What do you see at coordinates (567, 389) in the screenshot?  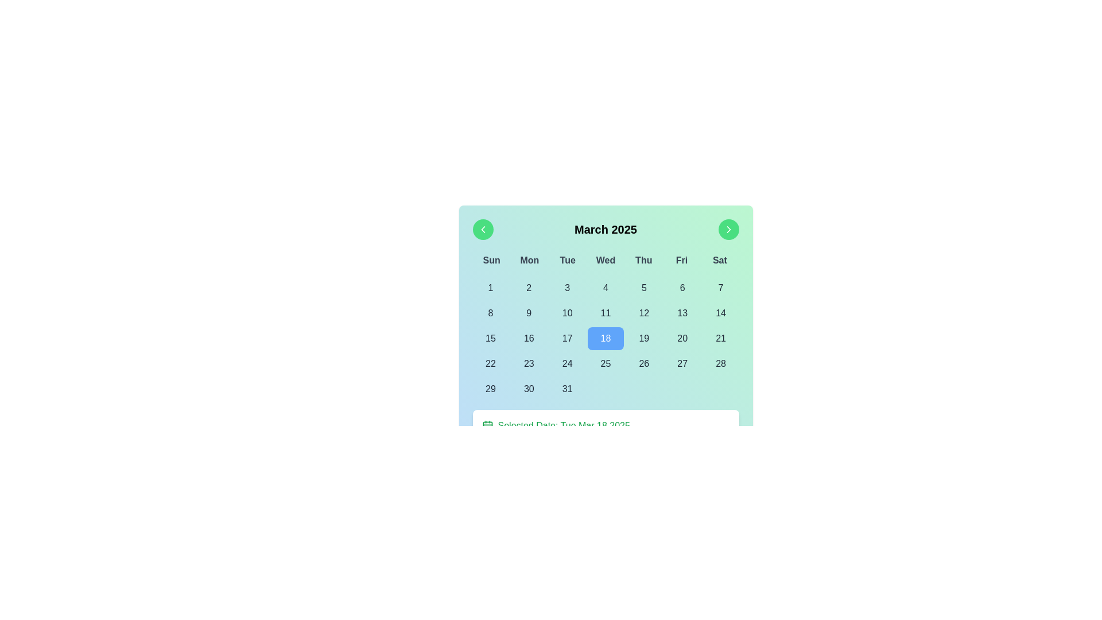 I see `the button representing the 31st day of the month in the calendar, located in the bottom-right corner of the visible month view` at bounding box center [567, 389].